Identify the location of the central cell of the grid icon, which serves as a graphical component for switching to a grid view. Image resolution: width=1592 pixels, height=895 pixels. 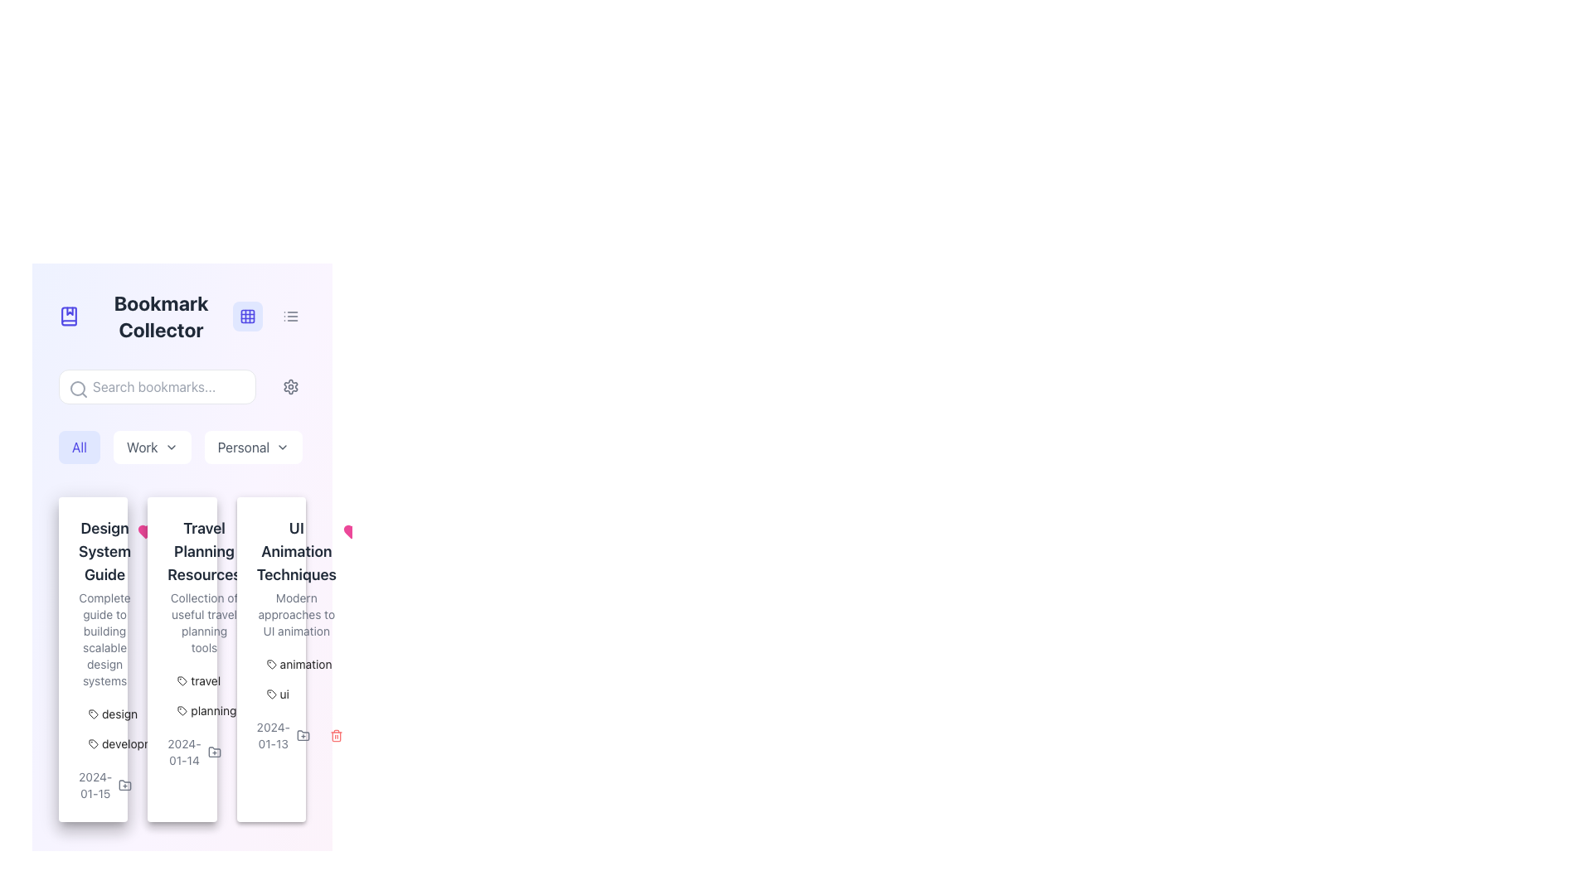
(246, 316).